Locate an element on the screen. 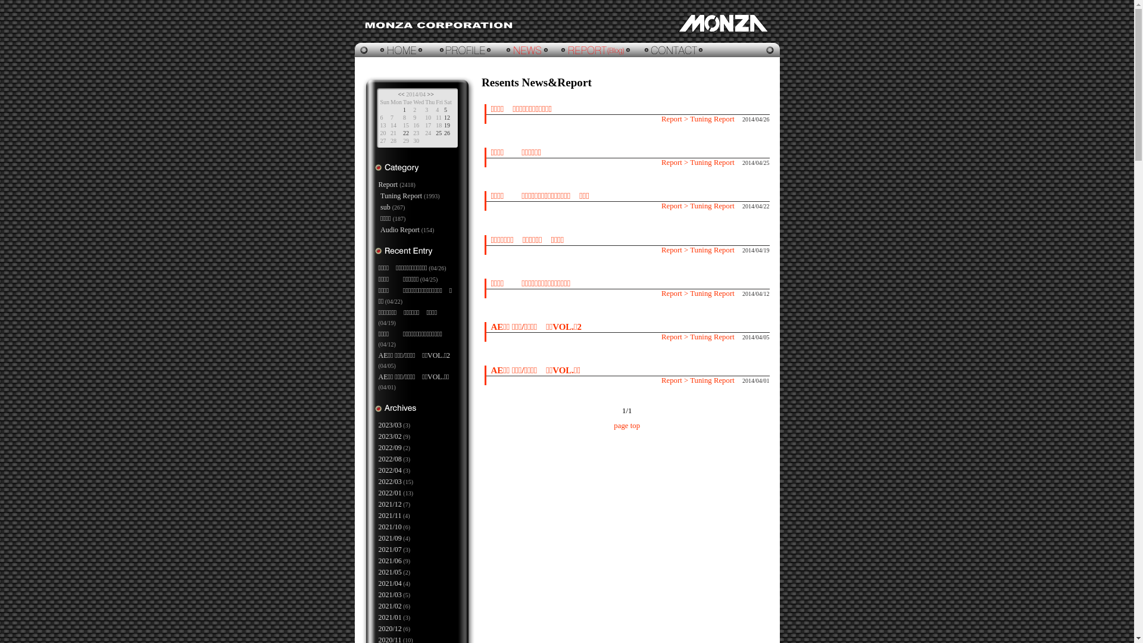 The image size is (1143, 643). '2022/01' is located at coordinates (377, 493).